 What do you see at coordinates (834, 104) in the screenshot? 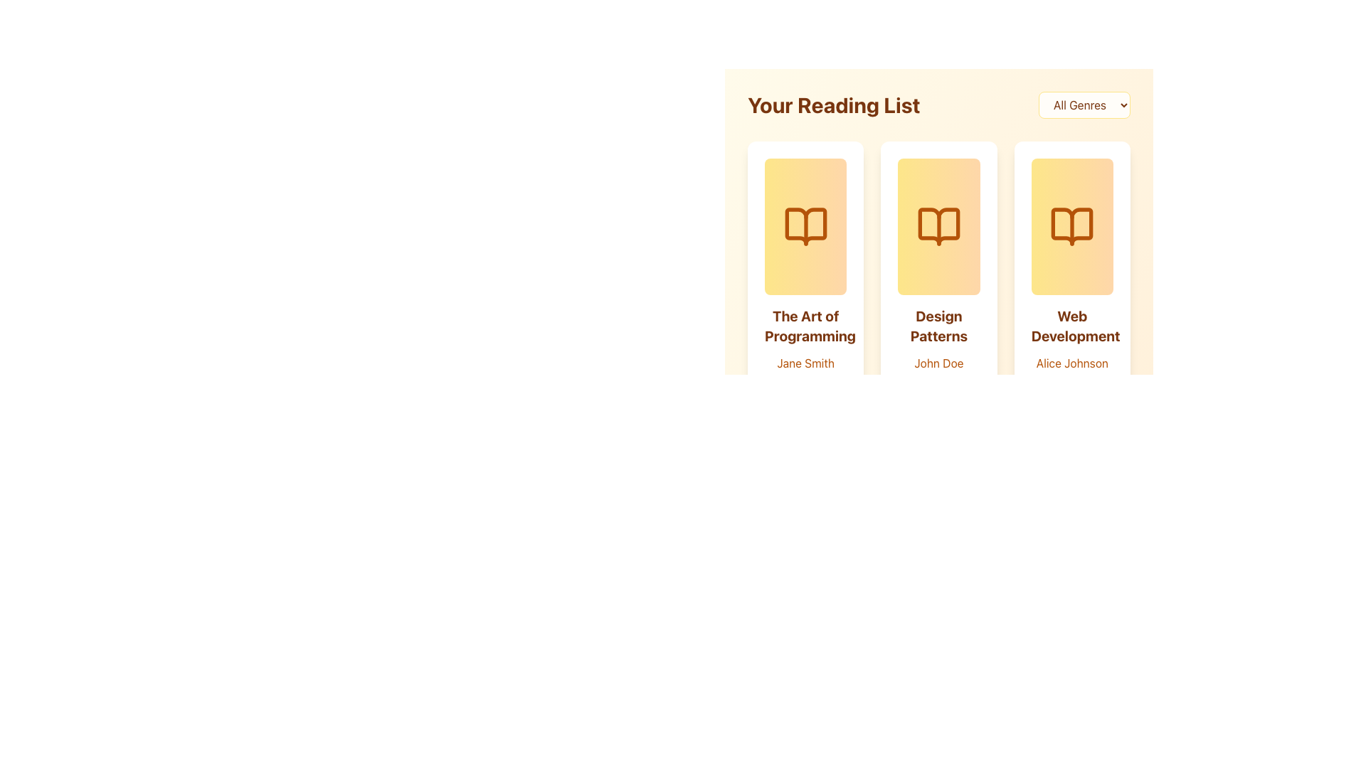
I see `bold, amber-colored header text 'Your Reading List' located at the top-left corner of the interface, preceding the dropdown menu labeled 'All Genres'` at bounding box center [834, 104].